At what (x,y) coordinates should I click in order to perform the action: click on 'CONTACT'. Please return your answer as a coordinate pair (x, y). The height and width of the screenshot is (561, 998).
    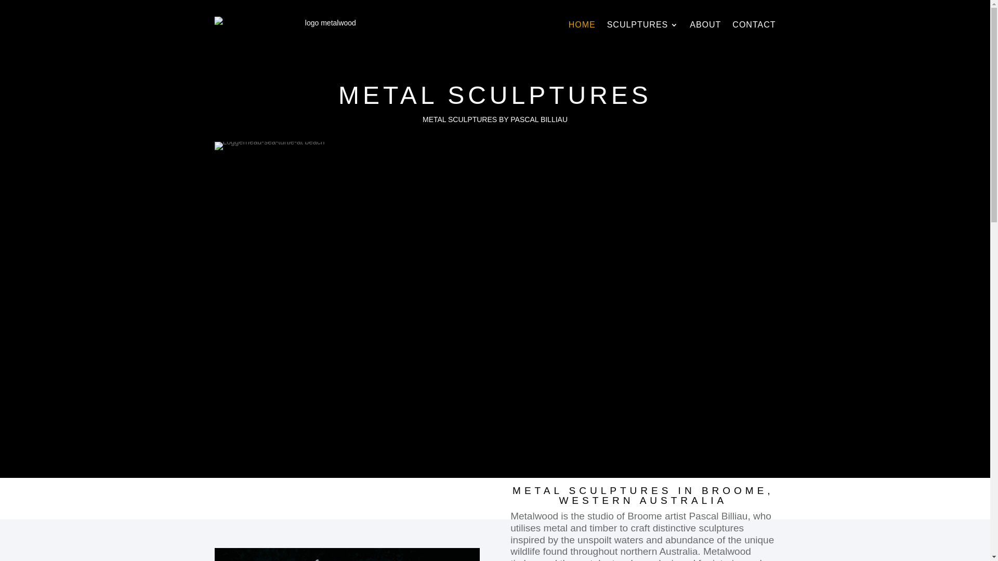
    Looking at the image, I should click on (754, 24).